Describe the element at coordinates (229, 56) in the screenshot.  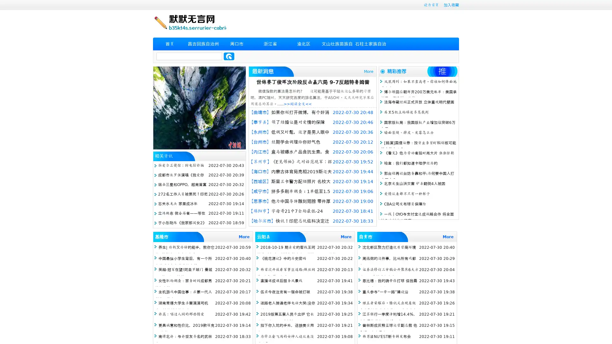
I see `Search` at that location.